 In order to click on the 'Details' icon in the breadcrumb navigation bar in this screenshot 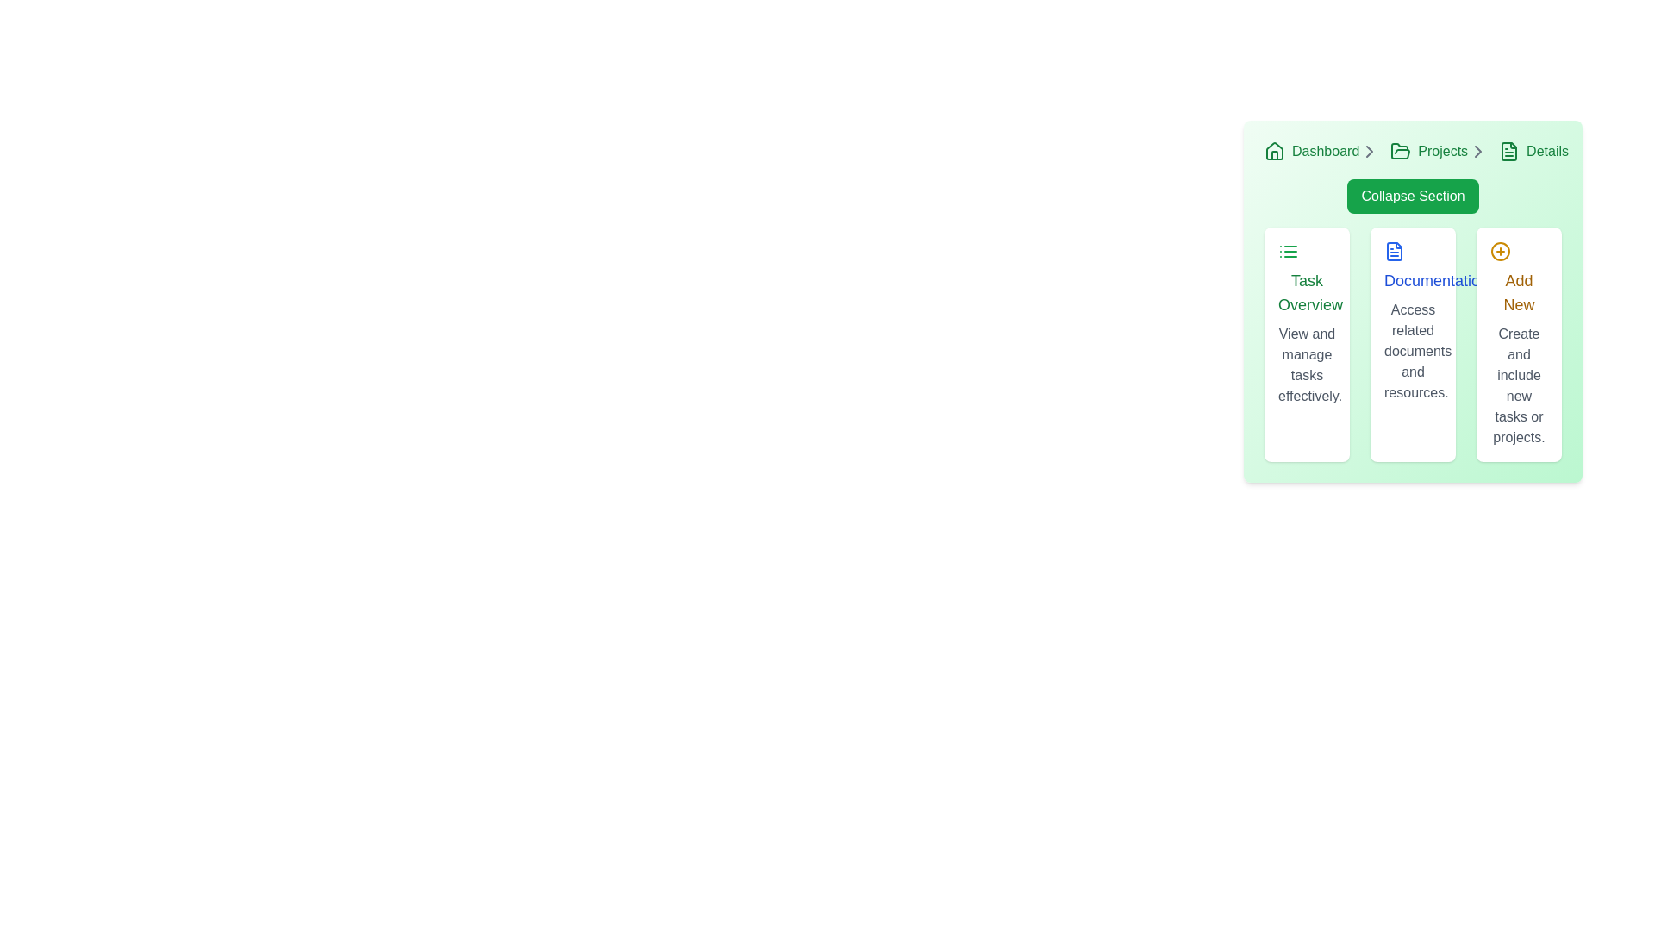, I will do `click(1508, 151)`.